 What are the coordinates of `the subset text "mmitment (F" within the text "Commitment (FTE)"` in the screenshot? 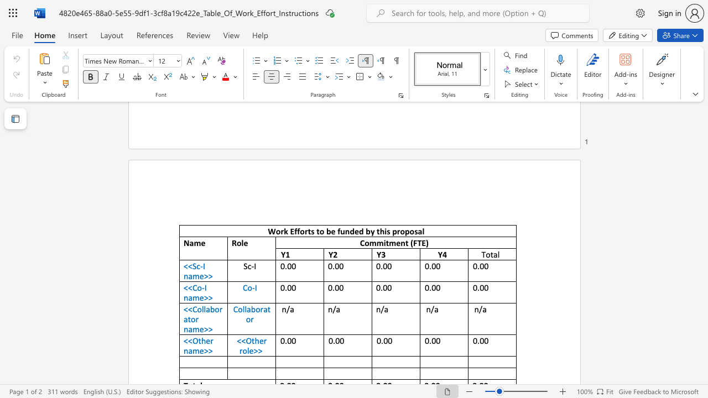 It's located at (369, 242).